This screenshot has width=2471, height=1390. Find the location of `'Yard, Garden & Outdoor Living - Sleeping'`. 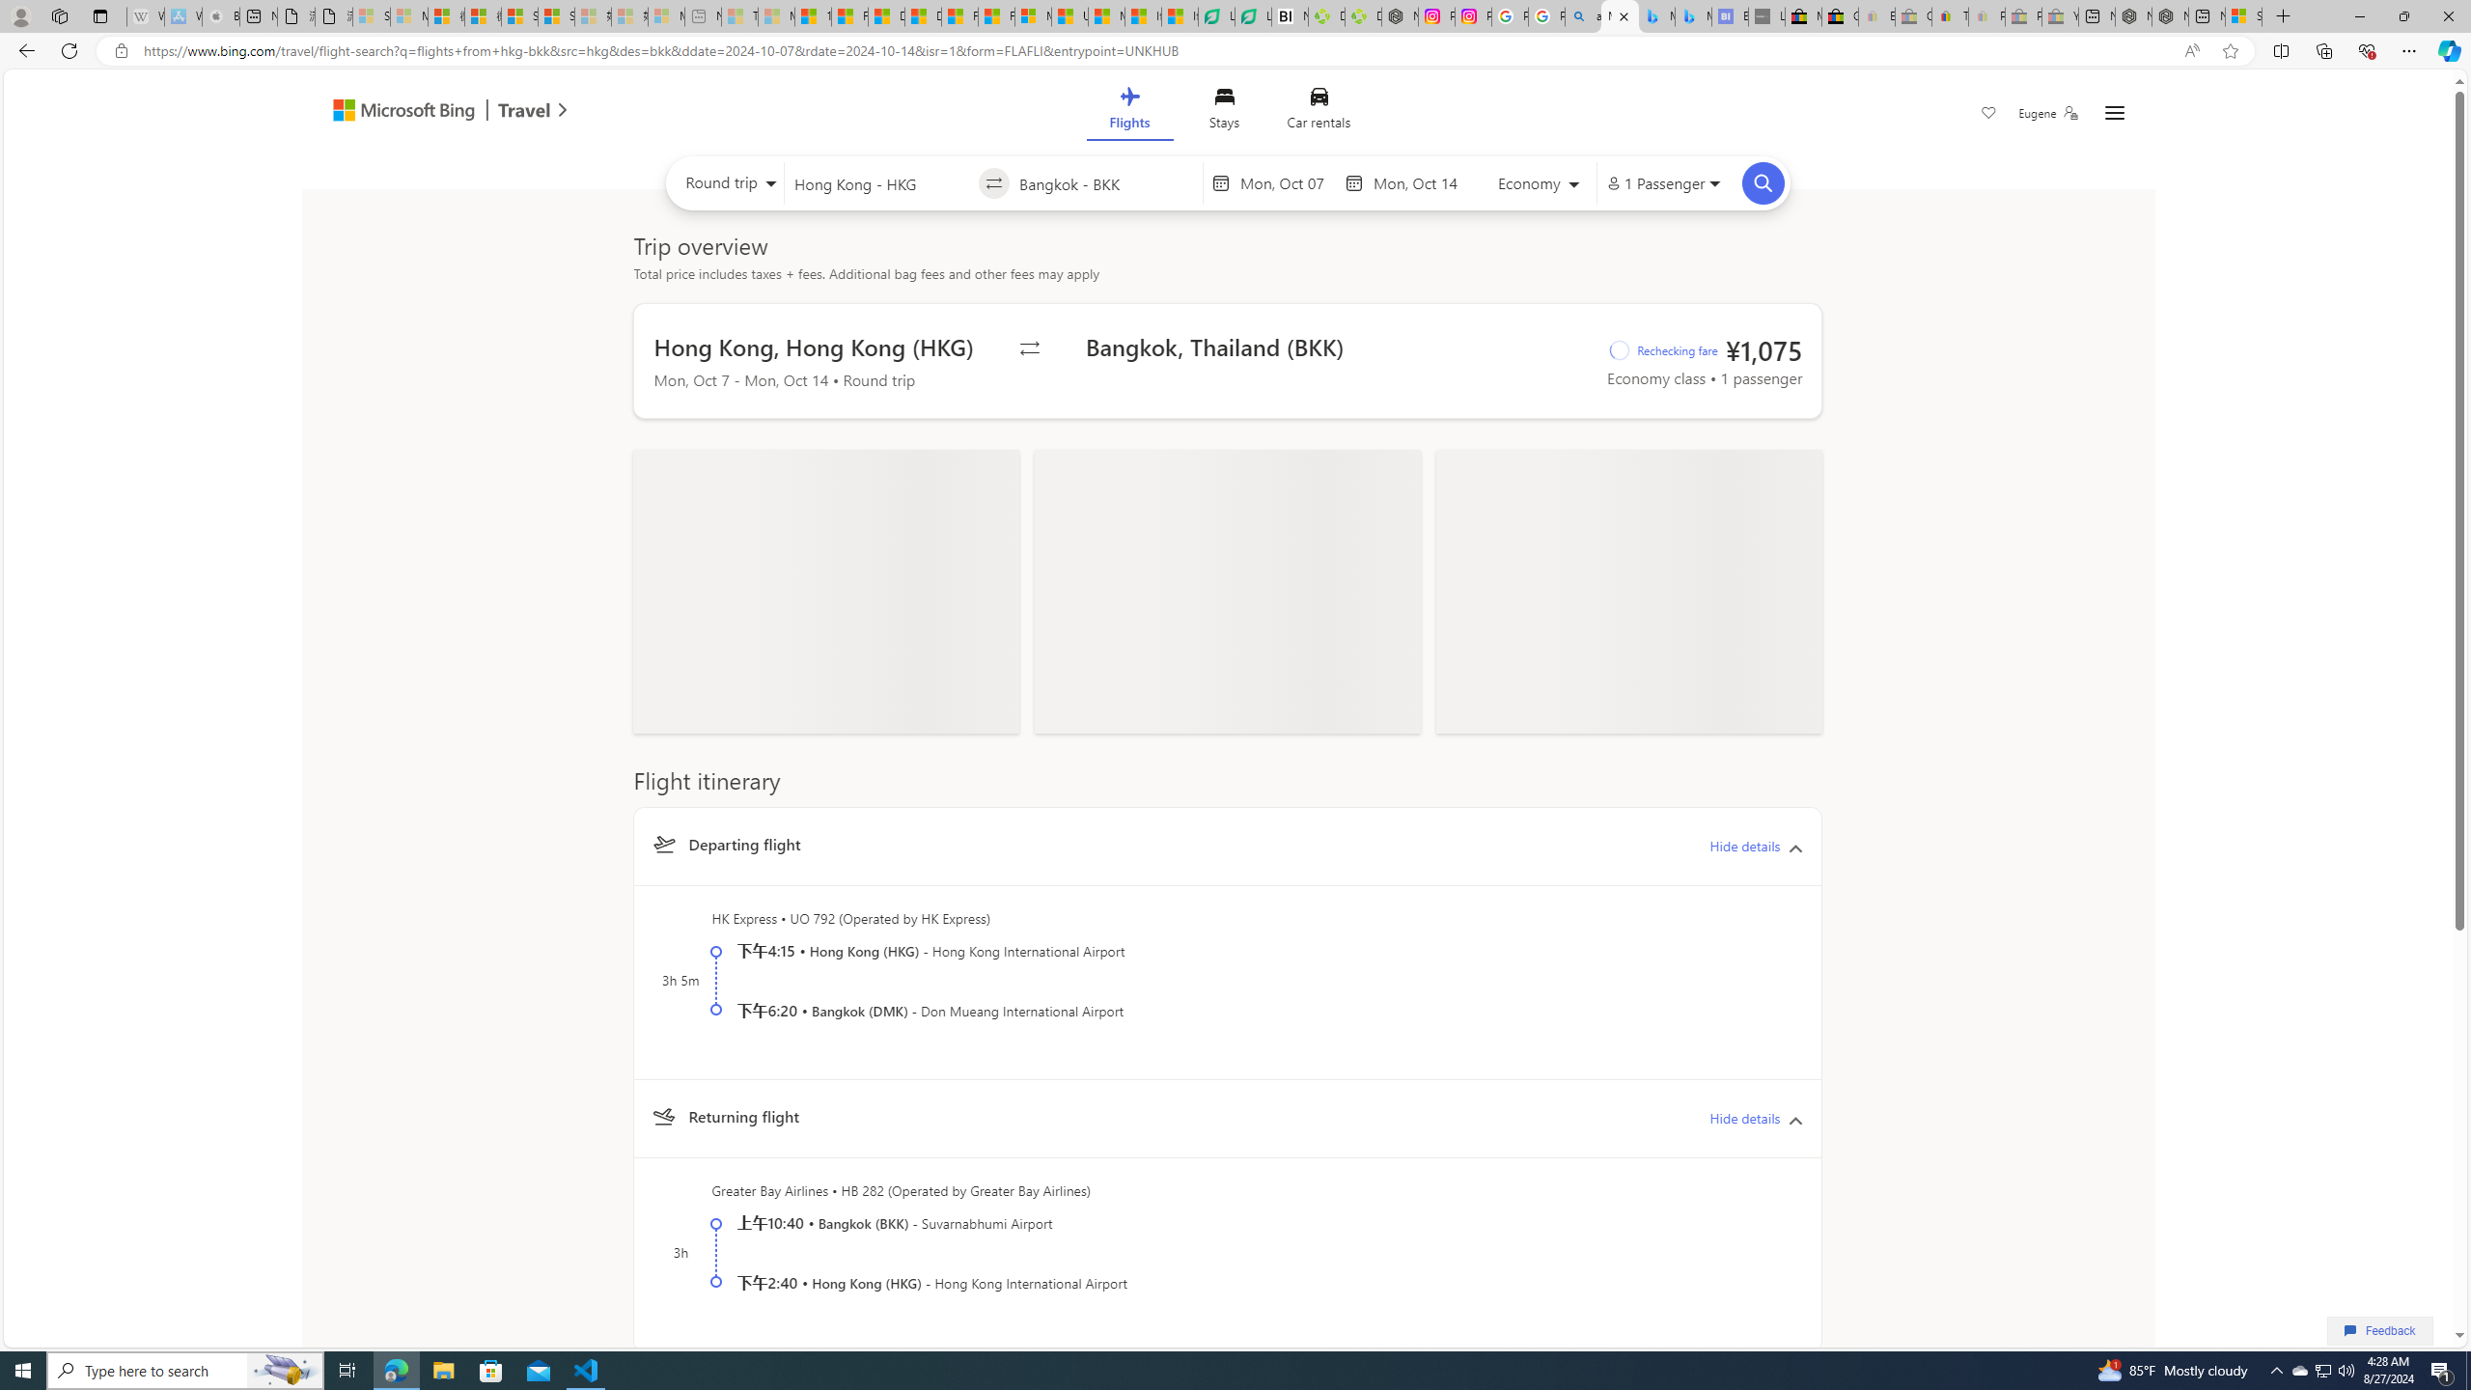

'Yard, Garden & Outdoor Living - Sleeping' is located at coordinates (2061, 15).